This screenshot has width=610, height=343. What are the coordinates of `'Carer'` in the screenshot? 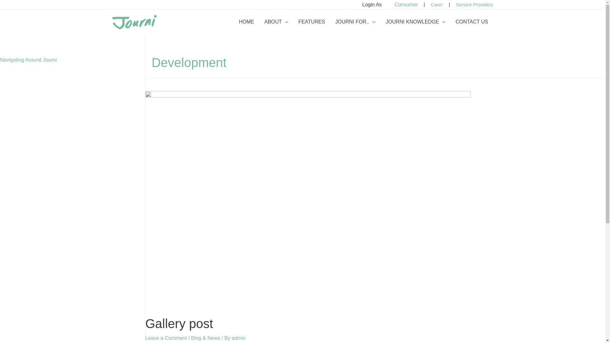 It's located at (436, 4).